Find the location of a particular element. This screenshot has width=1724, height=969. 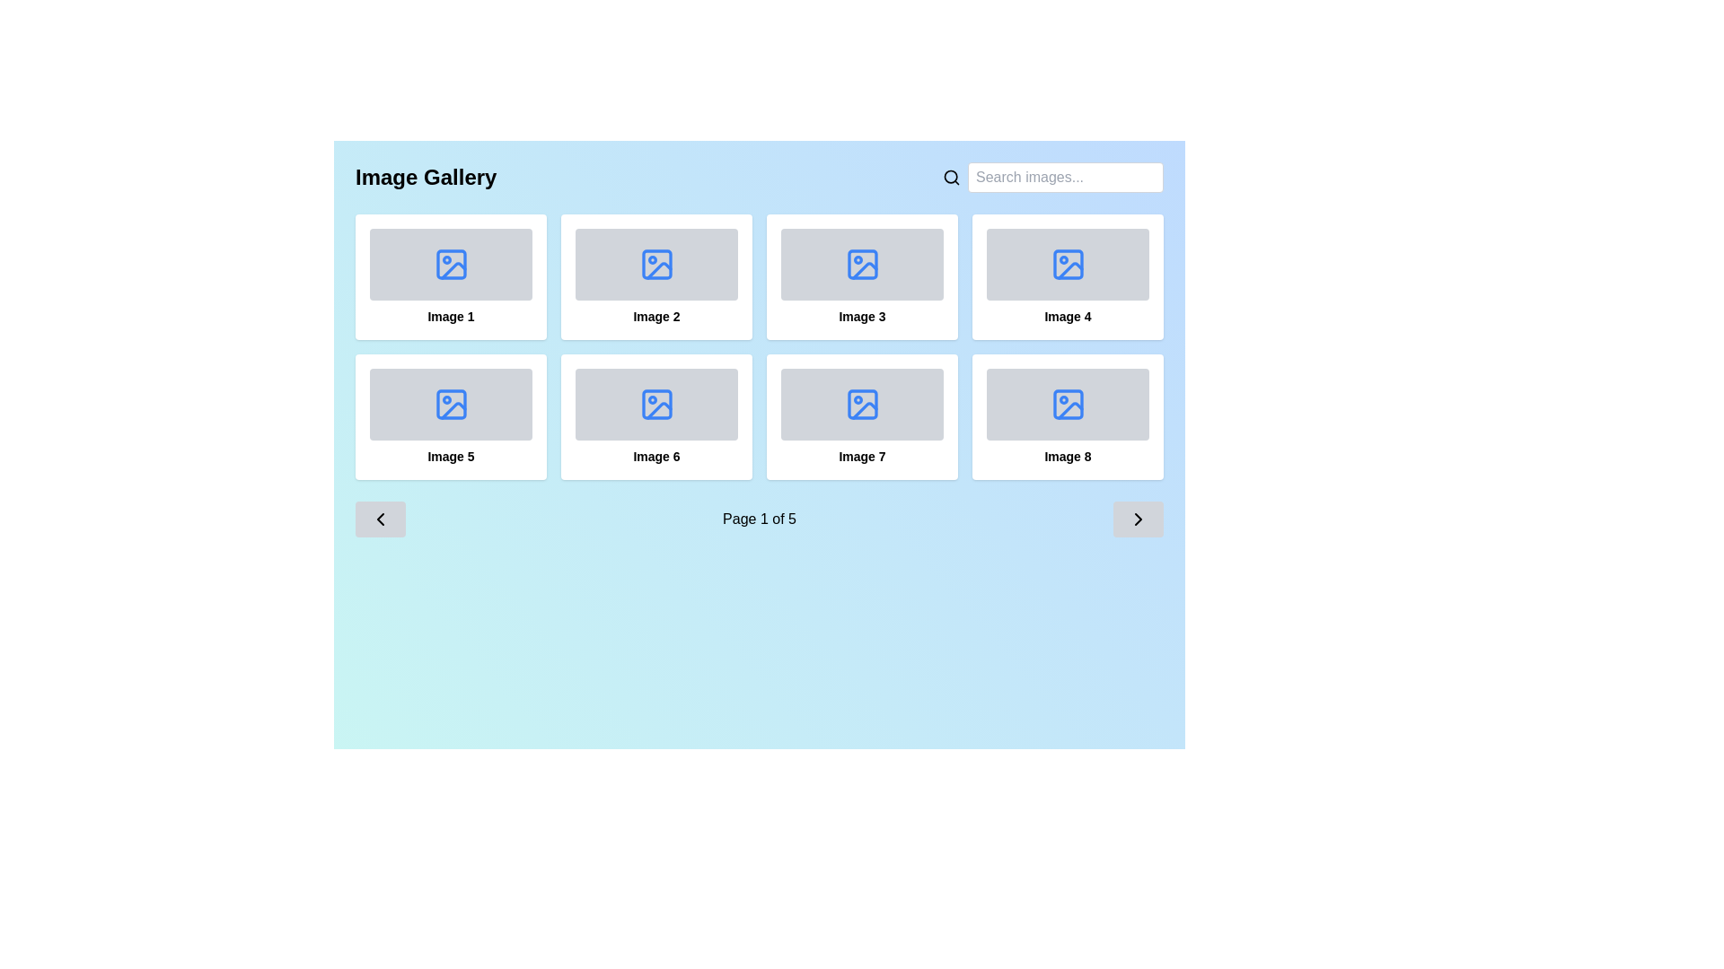

the SVG rectangle with rounded corners that is styled as a blue image placeholder in the fourth card of the image gallery's first row is located at coordinates (1068, 264).